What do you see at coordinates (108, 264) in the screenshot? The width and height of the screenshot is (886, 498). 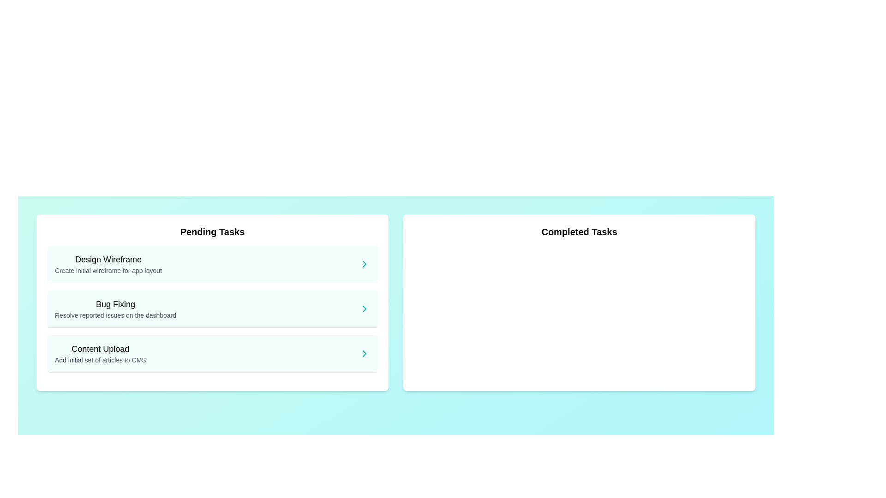 I see `the task description element in the 'Pending Tasks' section, which provides details about creating an initial application wireframe` at bounding box center [108, 264].